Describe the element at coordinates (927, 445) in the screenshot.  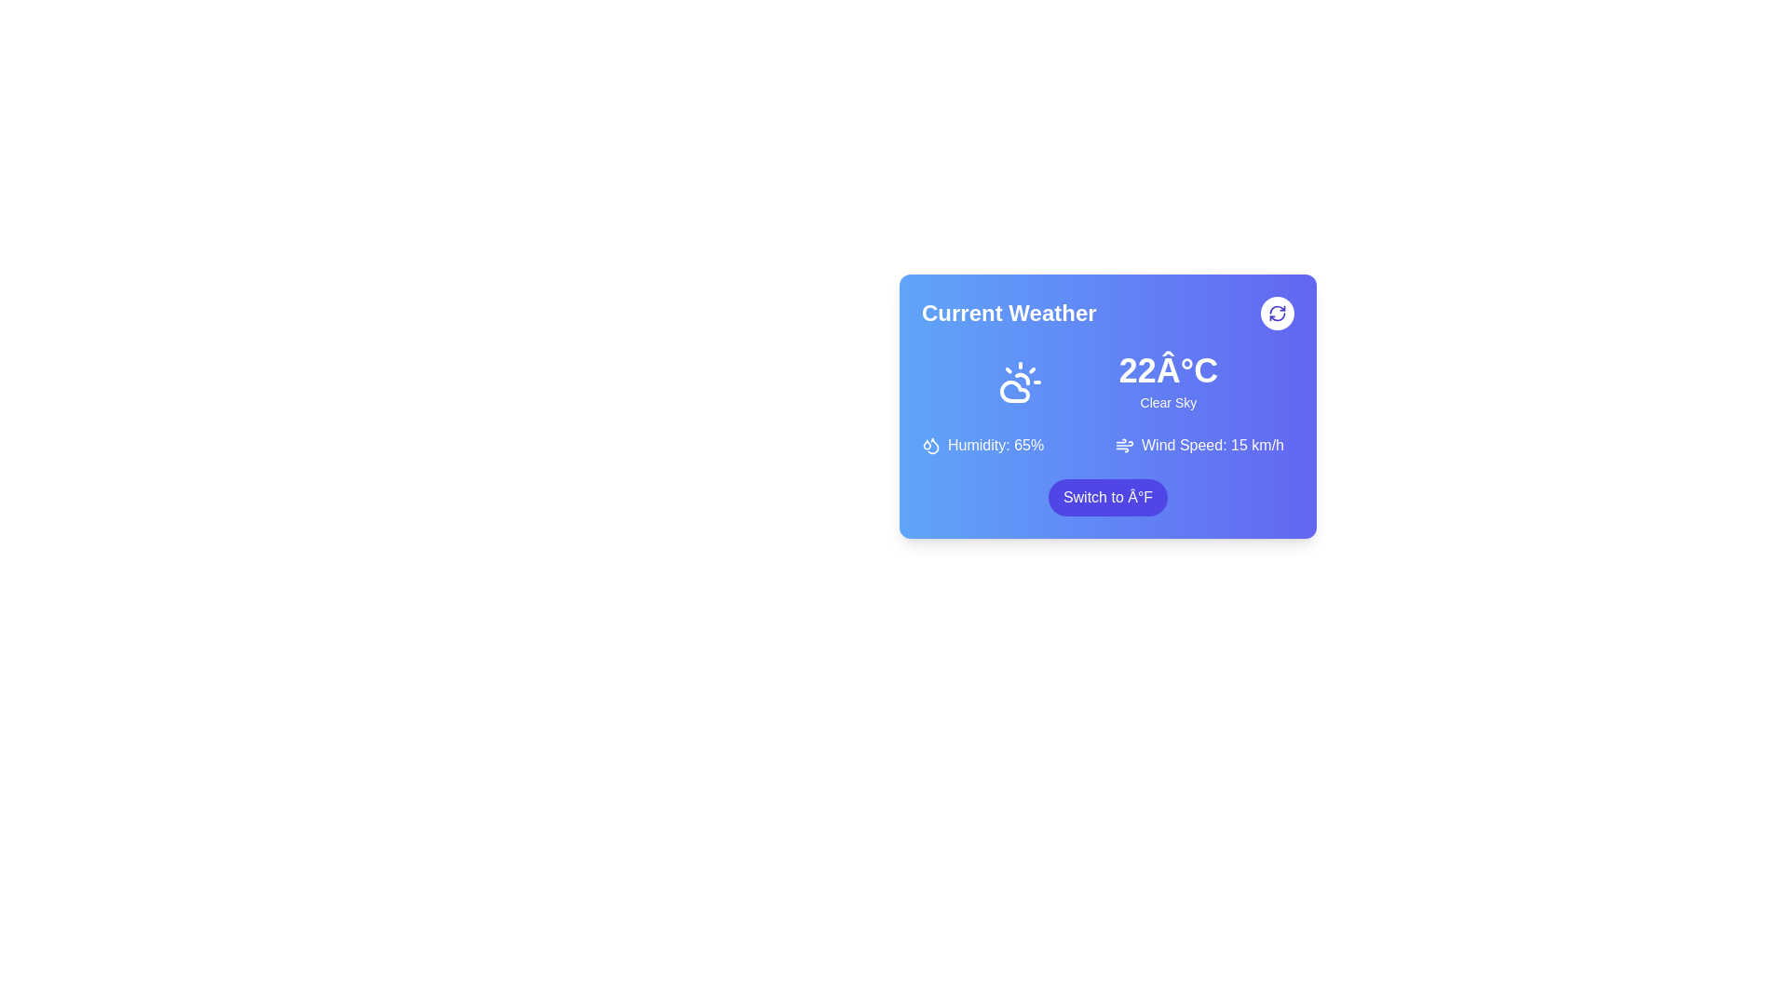
I see `the decorative icon representing humidity information, located within the 'Current Weather' card, positioned to the left of the 'Humidity' text` at that location.